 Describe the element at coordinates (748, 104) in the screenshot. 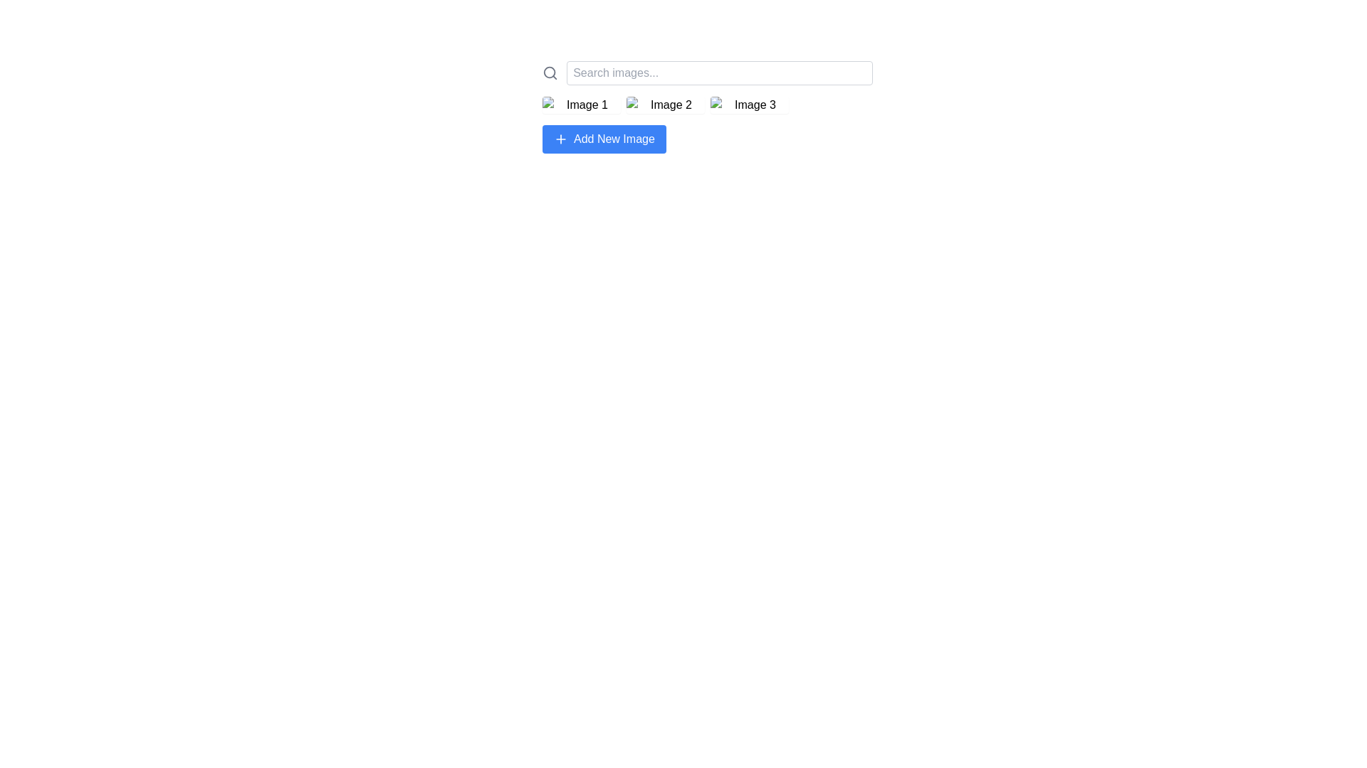

I see `the placeholder image element labeled 'Image 3' via keyboard navigation` at that location.